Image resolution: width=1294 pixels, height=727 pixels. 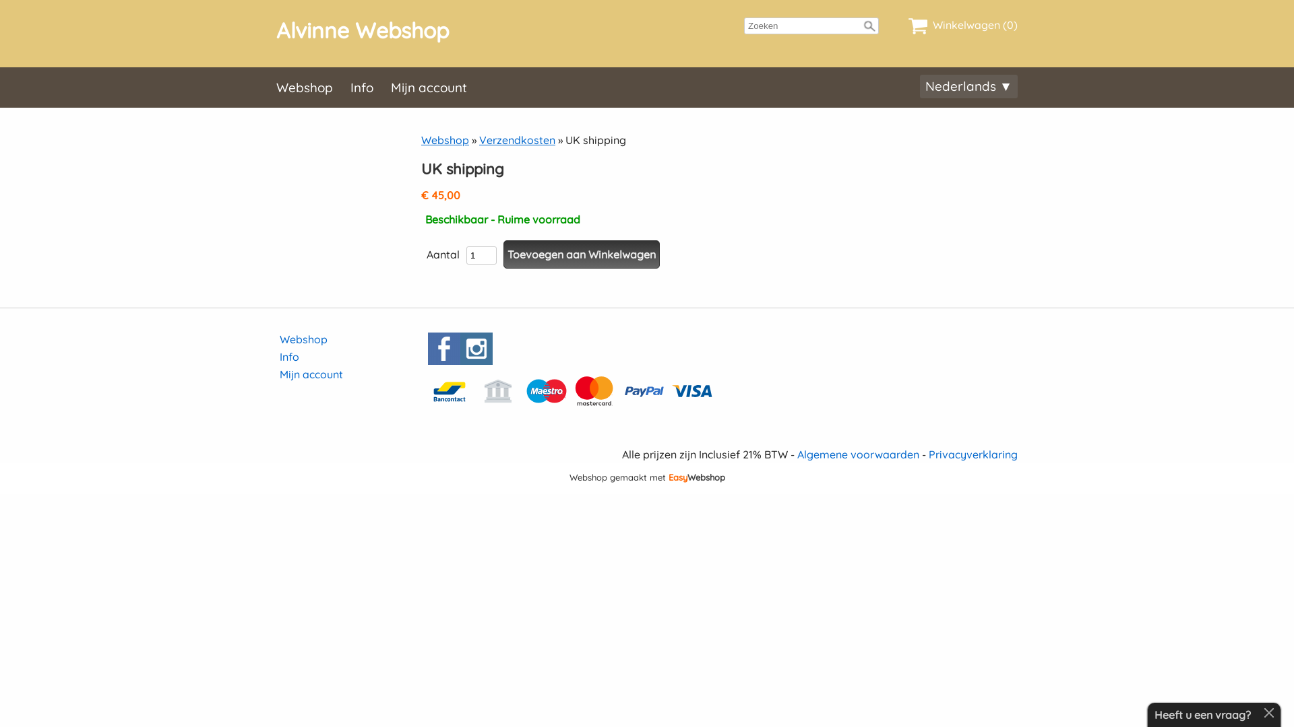 I want to click on 'Webshop', so click(x=313, y=88).